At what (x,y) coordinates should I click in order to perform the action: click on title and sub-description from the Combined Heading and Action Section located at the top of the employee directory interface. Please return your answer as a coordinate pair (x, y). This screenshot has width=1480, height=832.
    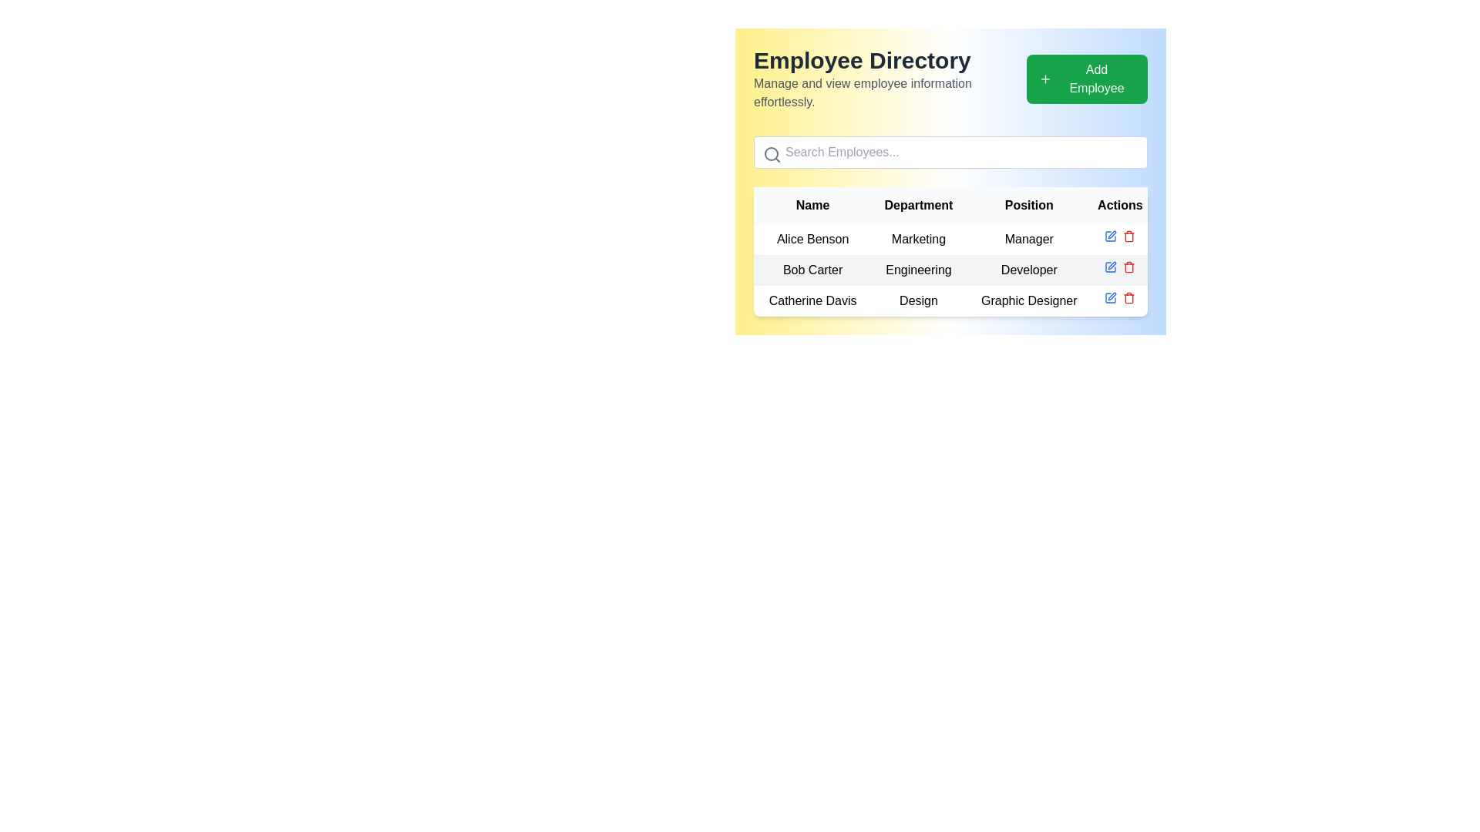
    Looking at the image, I should click on (950, 79).